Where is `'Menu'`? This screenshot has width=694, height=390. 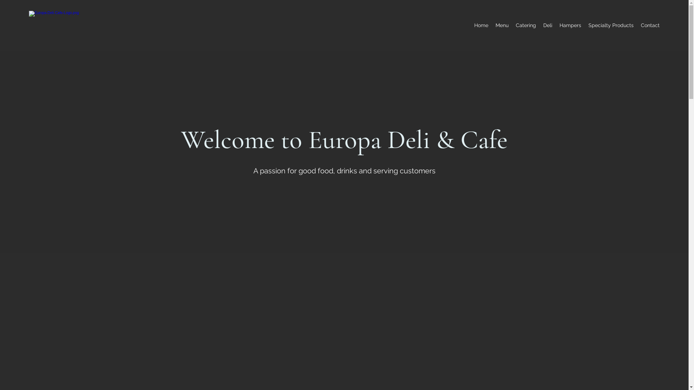 'Menu' is located at coordinates (501, 25).